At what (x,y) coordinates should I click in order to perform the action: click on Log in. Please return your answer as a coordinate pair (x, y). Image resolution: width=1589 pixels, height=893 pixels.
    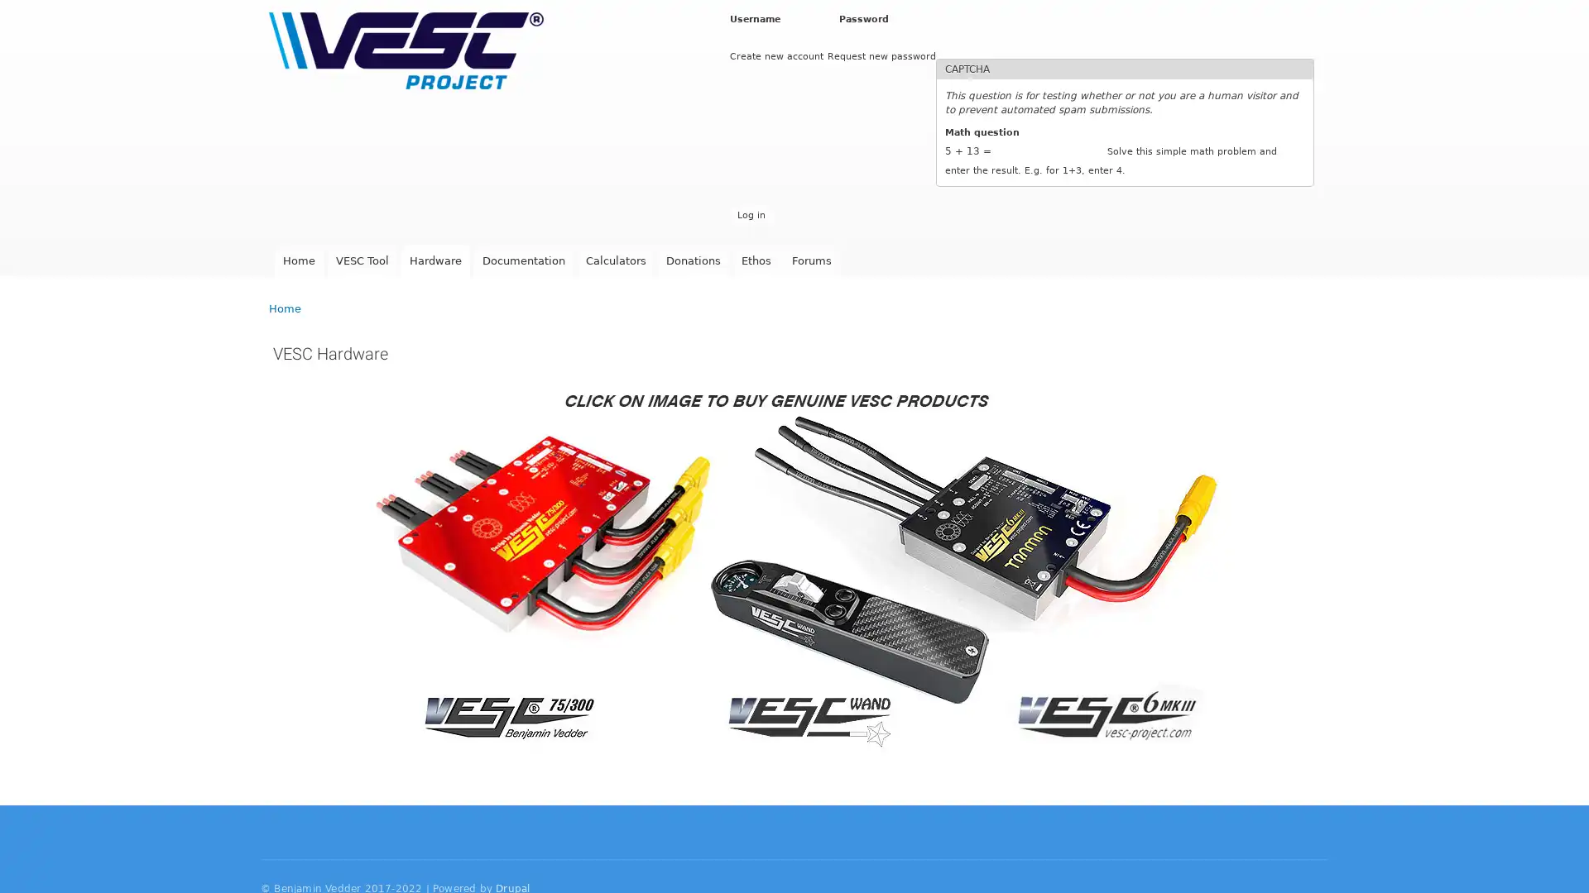
    Looking at the image, I should click on (750, 214).